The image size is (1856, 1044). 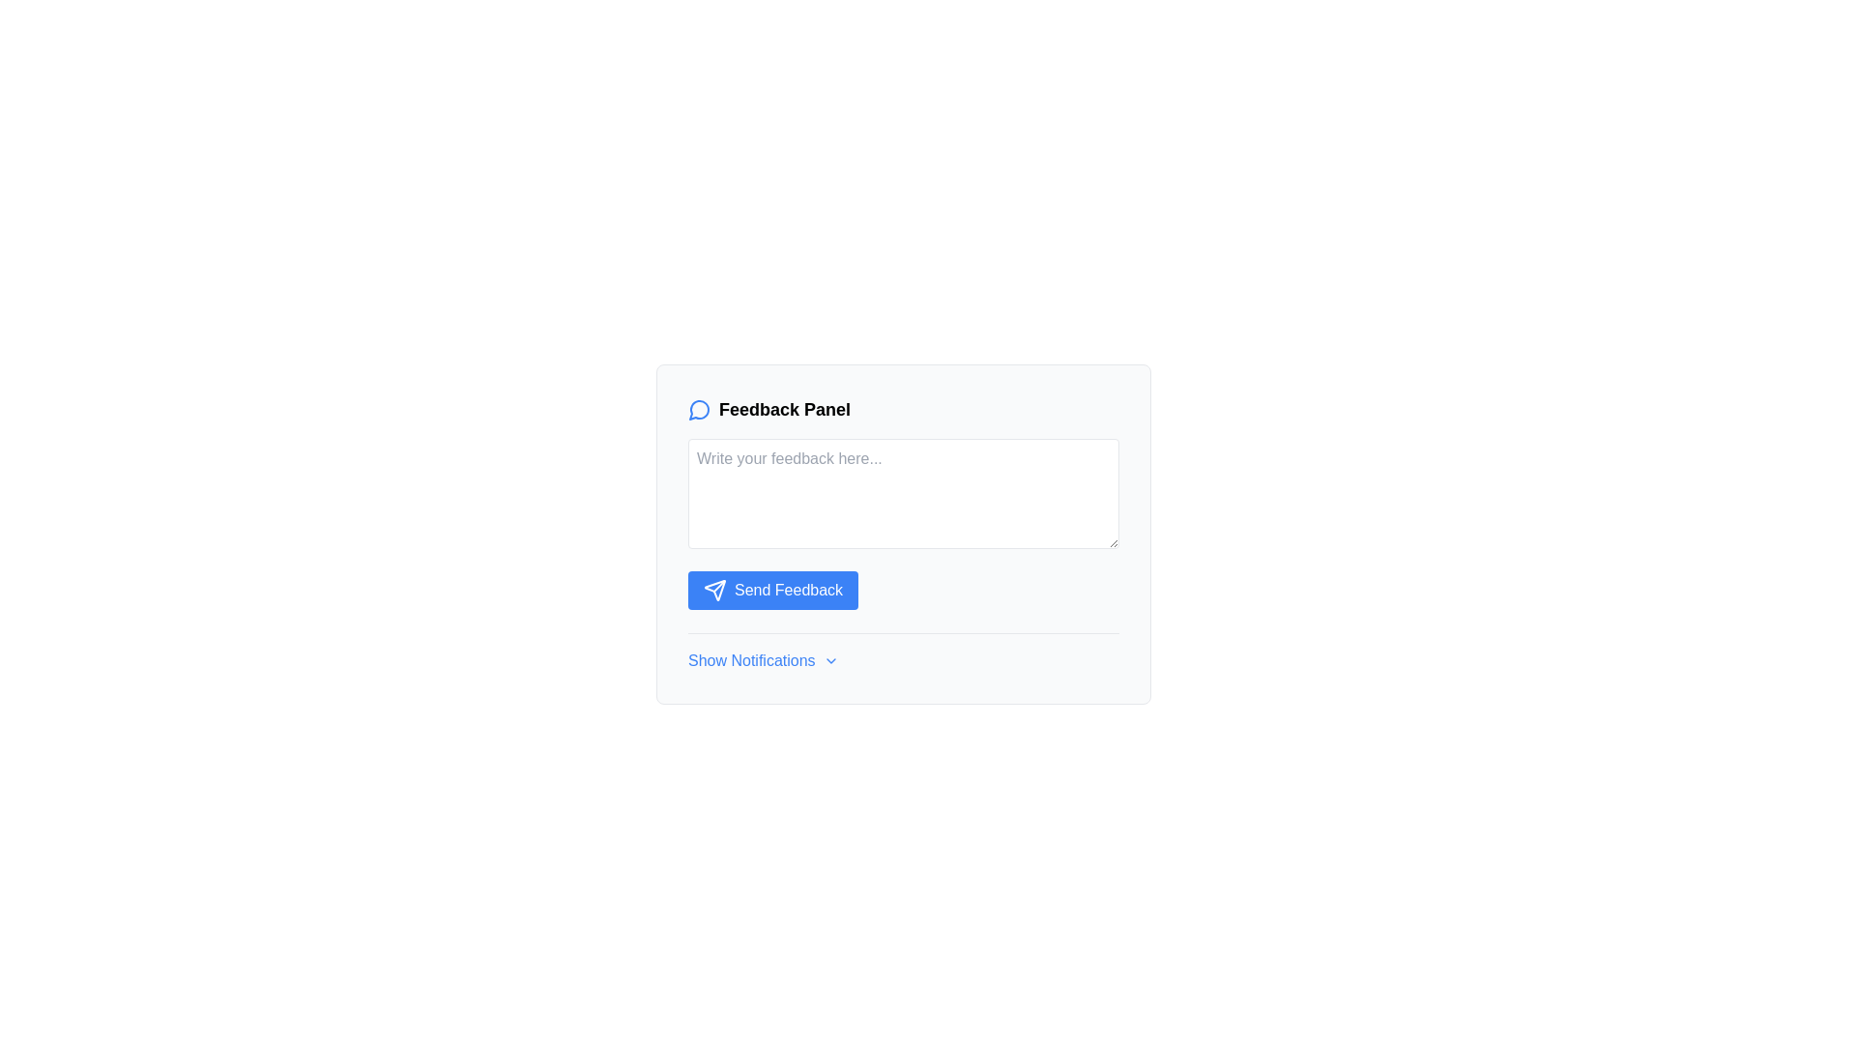 I want to click on the downward-pointing chevron icon next to the text 'Show Notifications', so click(x=830, y=659).